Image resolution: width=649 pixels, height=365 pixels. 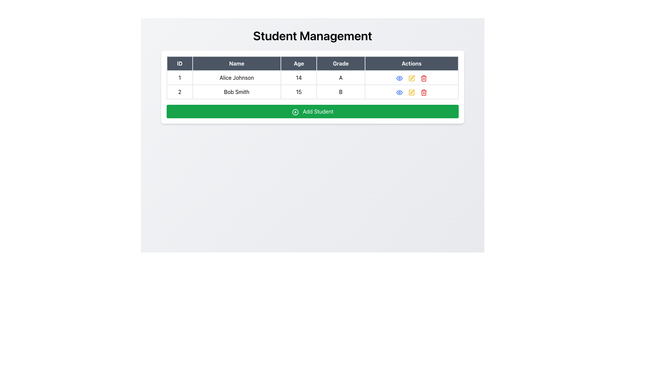 I want to click on the edit icon, which is a square-shaped vector icon styled with thin lines, located in the actions column of the second row, so click(x=411, y=92).